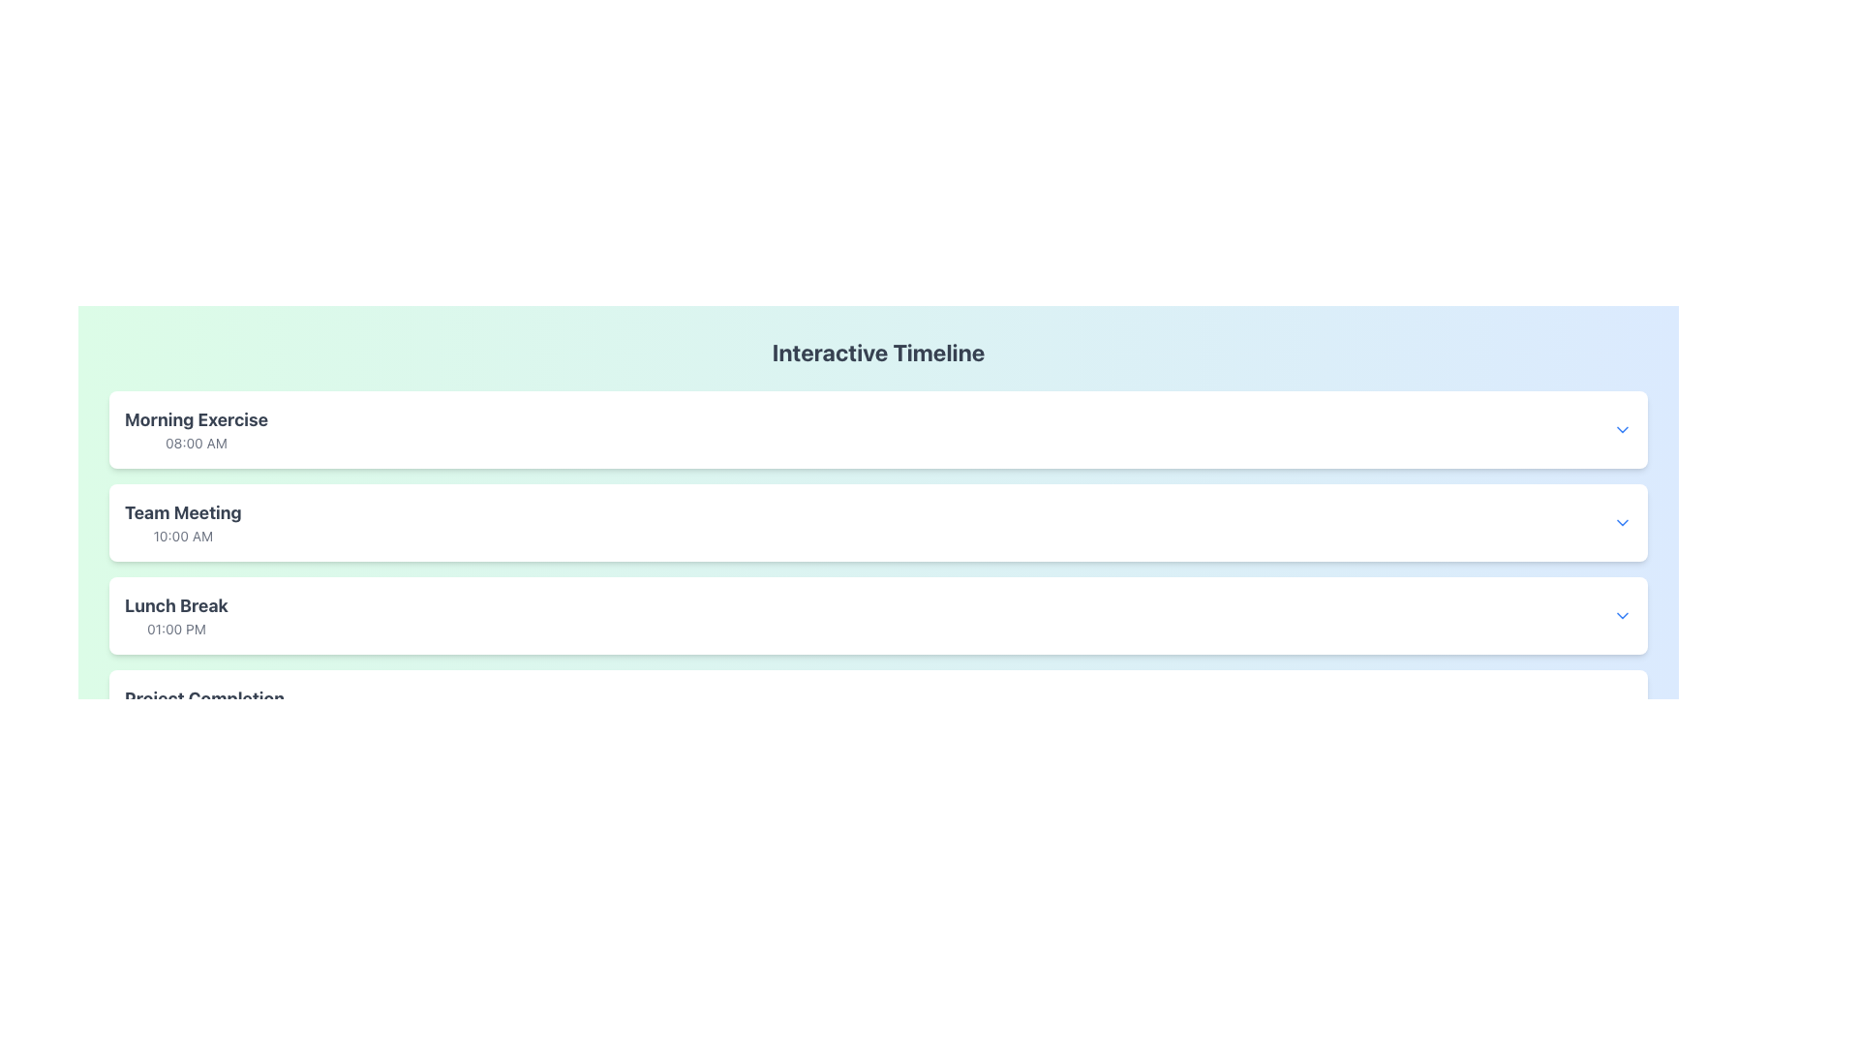 This screenshot has width=1859, height=1046. What do you see at coordinates (877, 616) in the screenshot?
I see `the 'Lunch Break' timeline item` at bounding box center [877, 616].